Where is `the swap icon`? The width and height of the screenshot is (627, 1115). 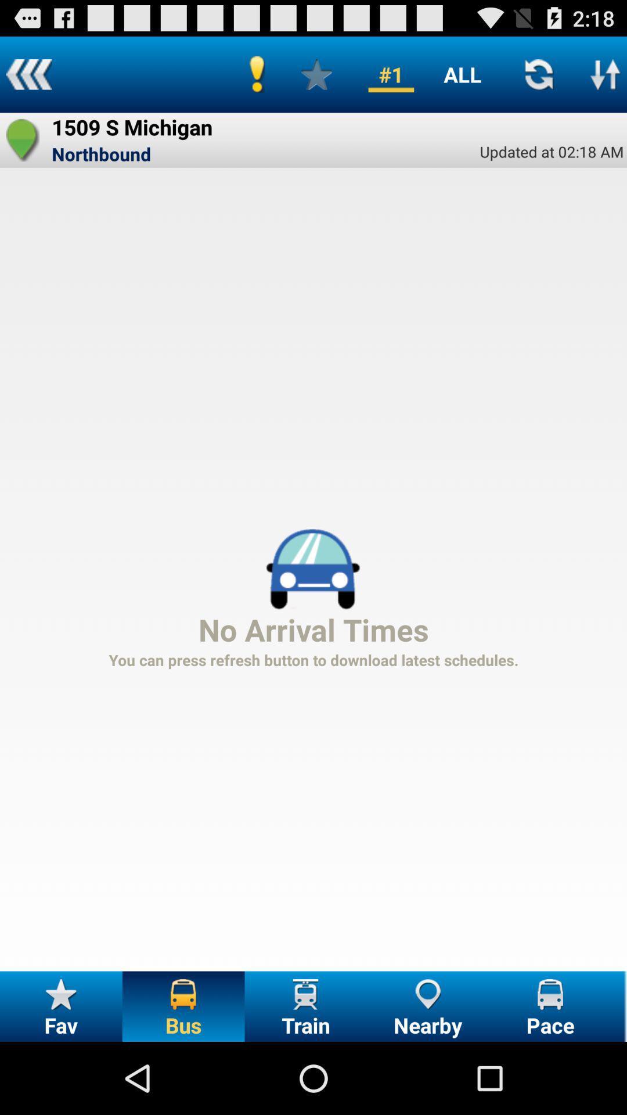
the swap icon is located at coordinates (605, 79).